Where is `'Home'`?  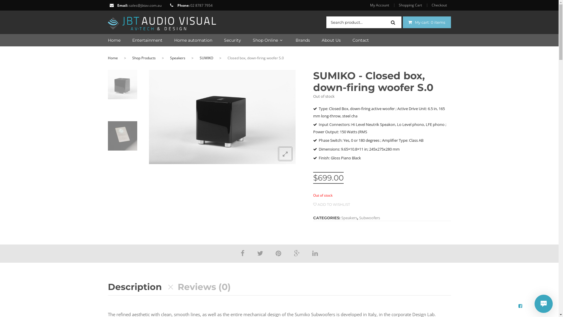 'Home' is located at coordinates (114, 40).